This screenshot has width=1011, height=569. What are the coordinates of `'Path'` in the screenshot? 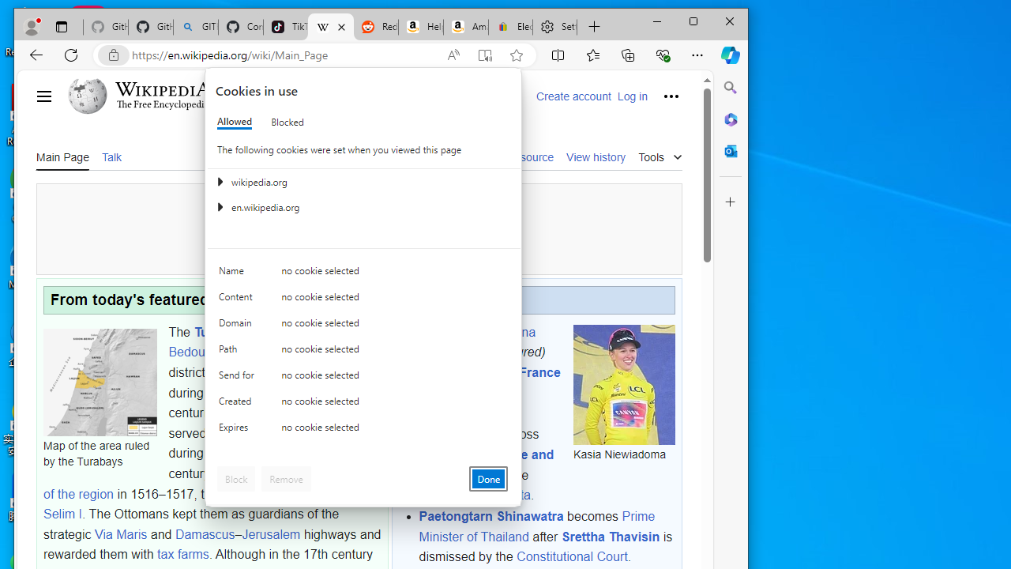 It's located at (238, 352).